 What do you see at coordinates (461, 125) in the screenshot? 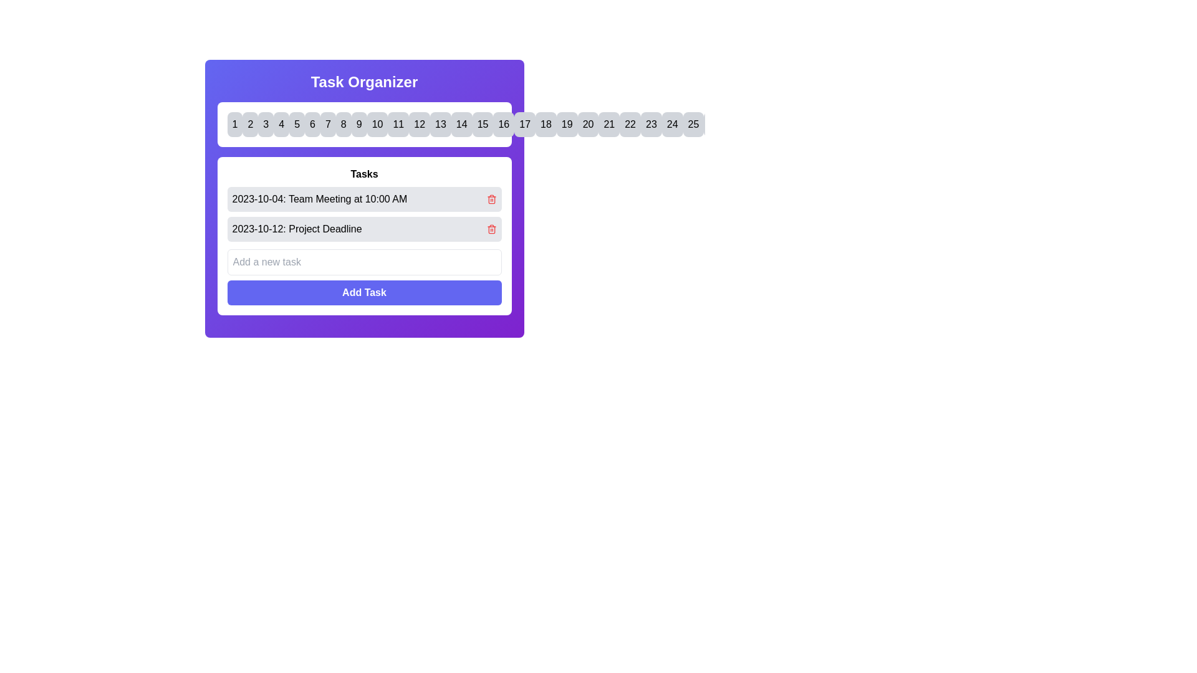
I see `the button labeled '14' with a light gray background and black text` at bounding box center [461, 125].